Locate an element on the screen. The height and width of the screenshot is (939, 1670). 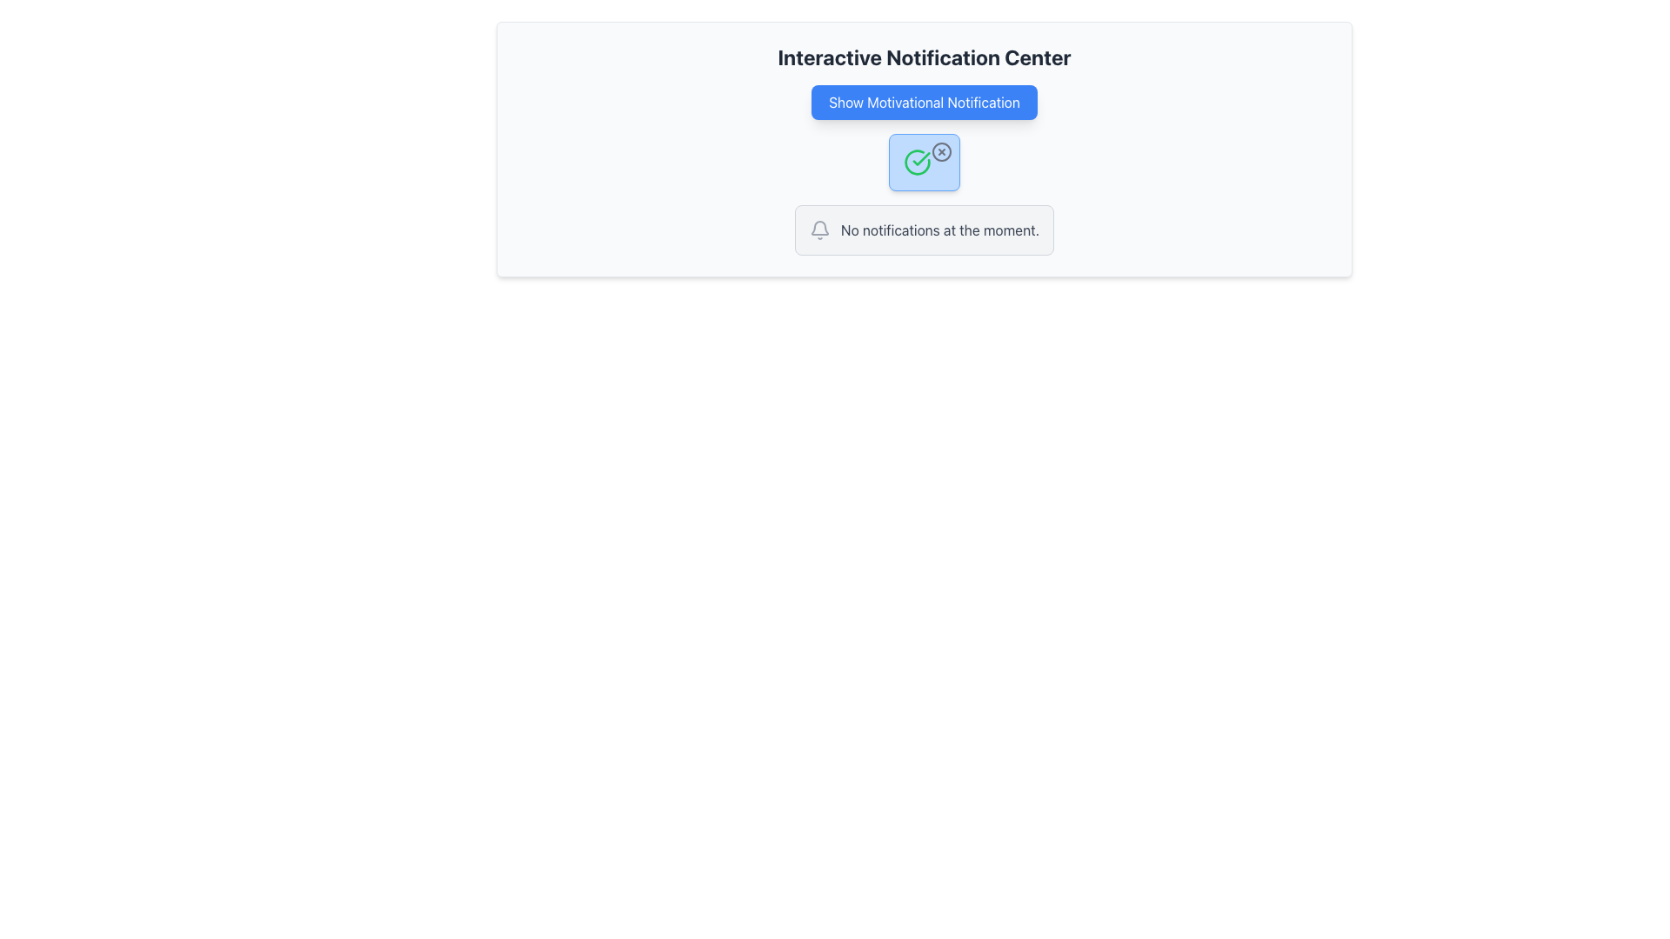
the blue rectangular button with white text 'Show Motivational Notification' located under the heading 'Interactive Notification Center' is located at coordinates (923, 103).